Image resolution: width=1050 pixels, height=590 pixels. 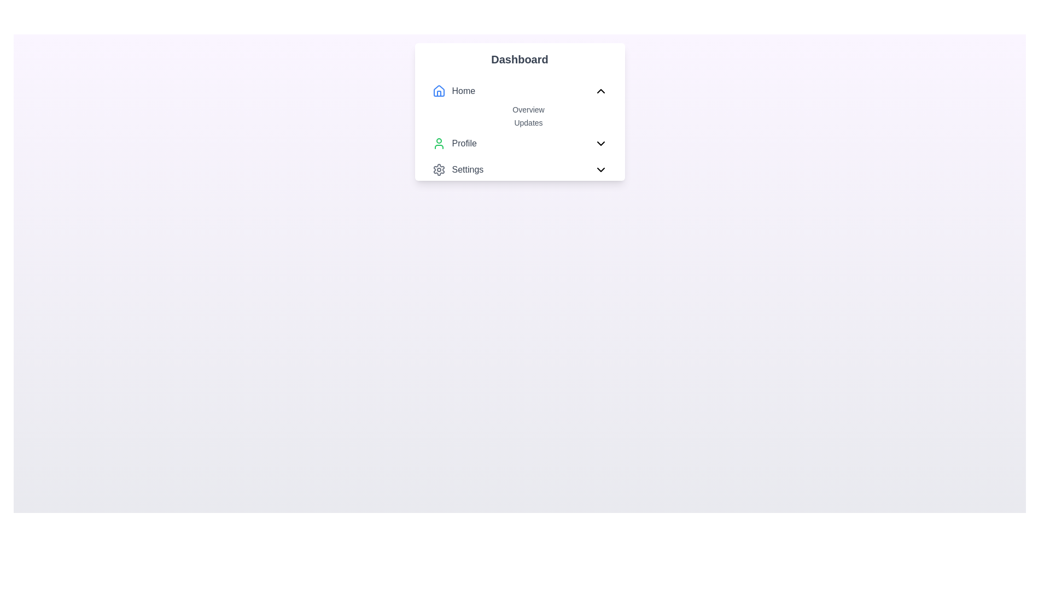 I want to click on the 'Home' icon, so click(x=439, y=90).